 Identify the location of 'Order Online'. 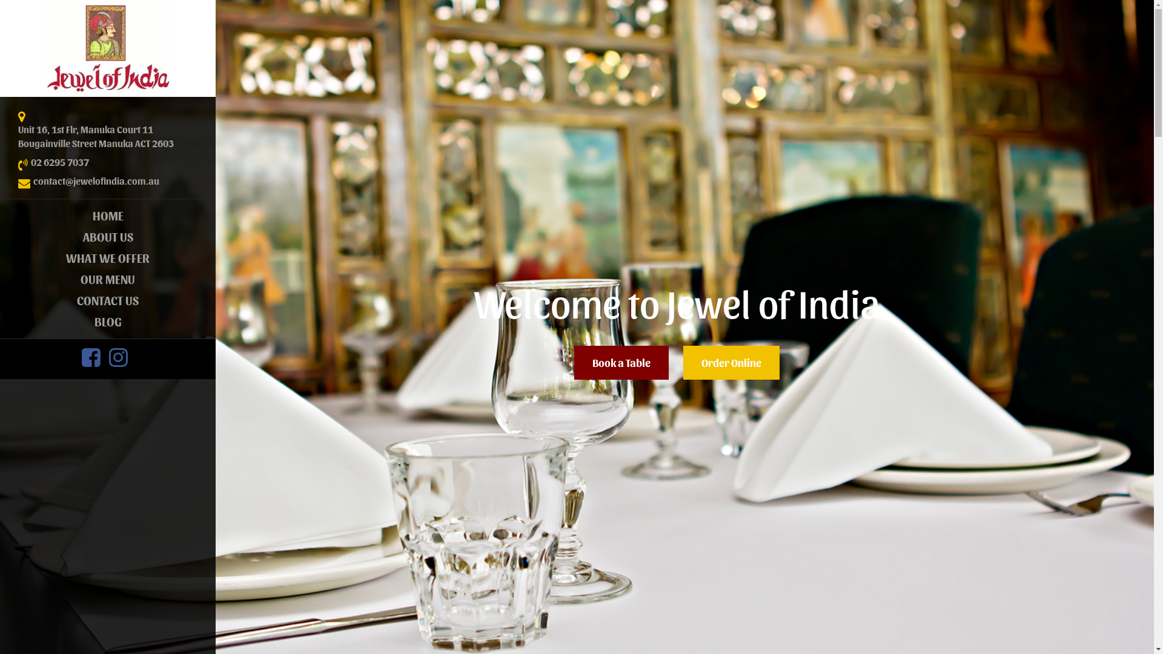
(731, 362).